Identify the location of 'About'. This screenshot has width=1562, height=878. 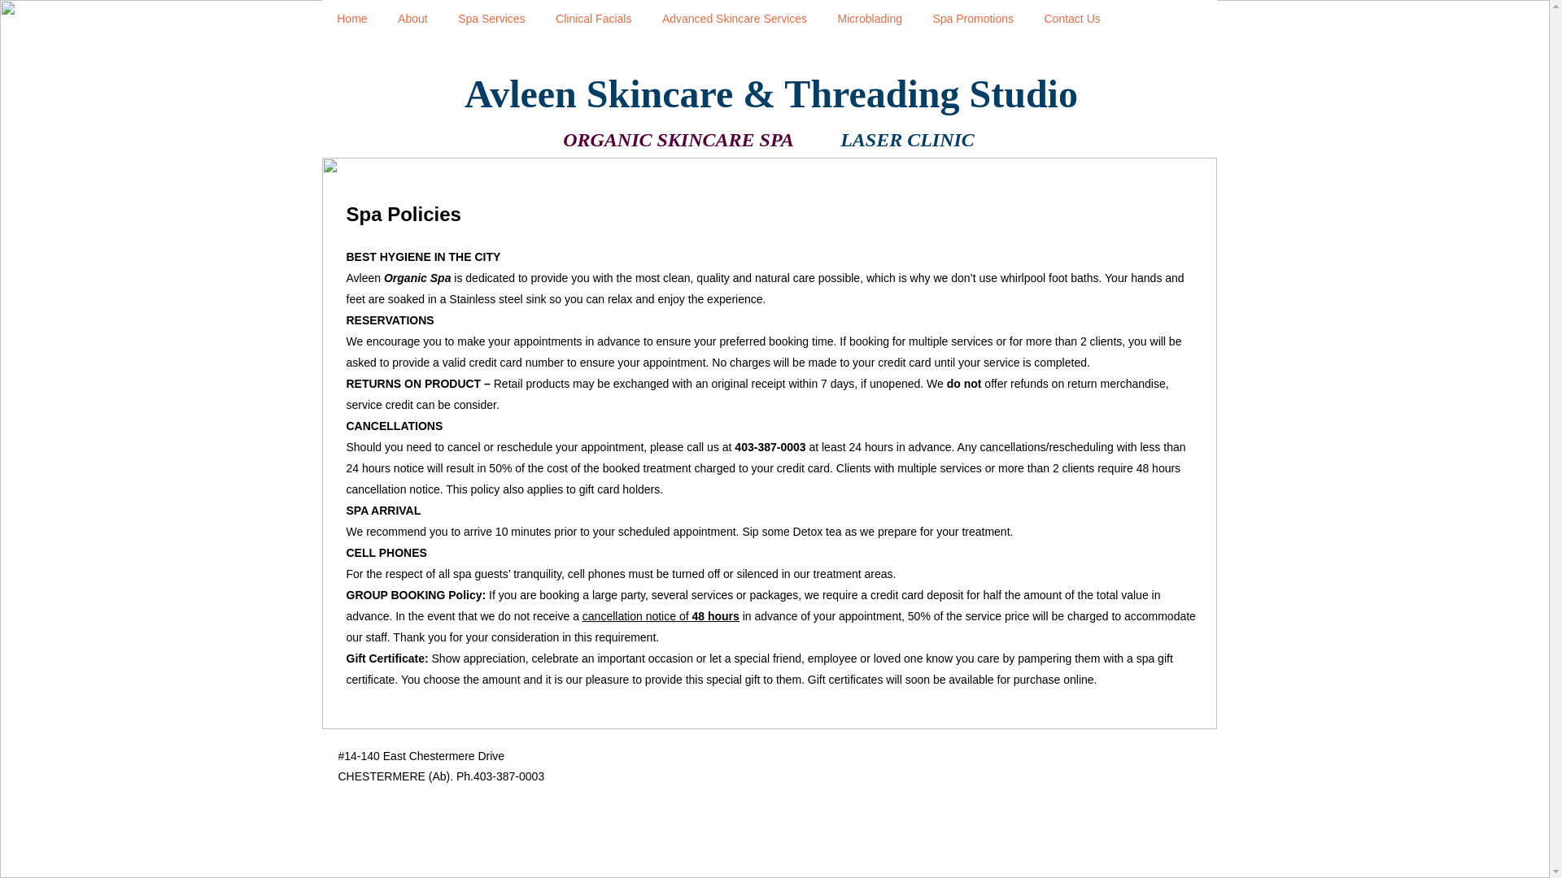
(382, 19).